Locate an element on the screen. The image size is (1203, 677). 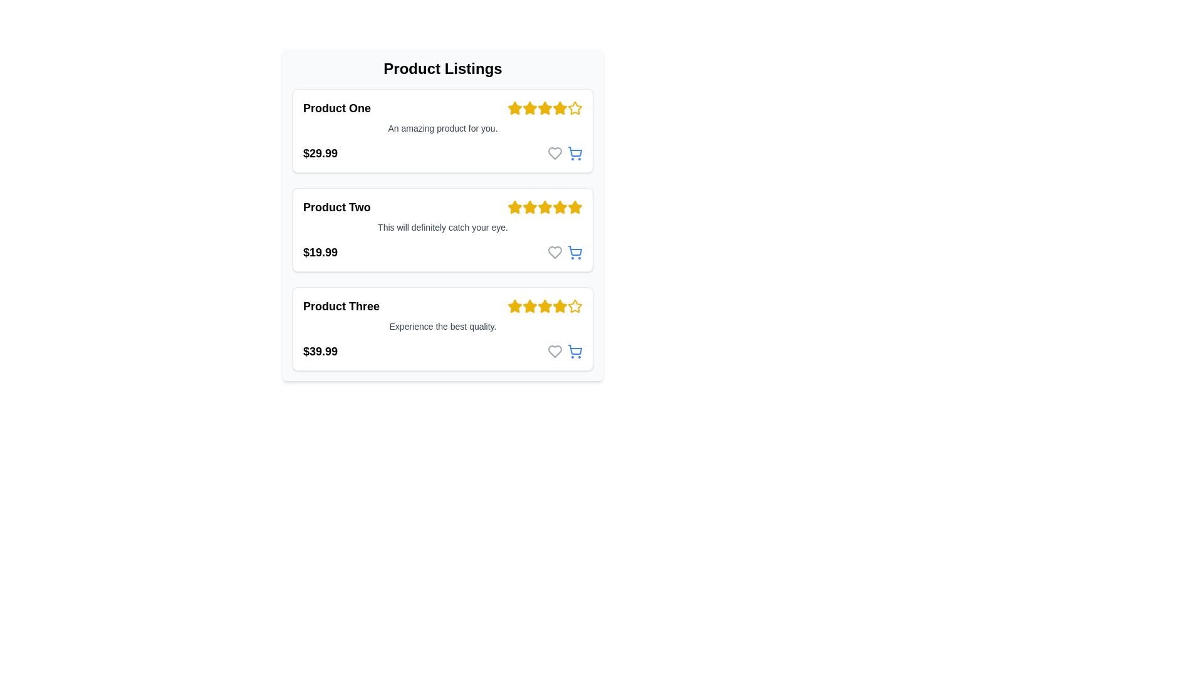
the heart icon in the topmost product card is located at coordinates (565, 153).